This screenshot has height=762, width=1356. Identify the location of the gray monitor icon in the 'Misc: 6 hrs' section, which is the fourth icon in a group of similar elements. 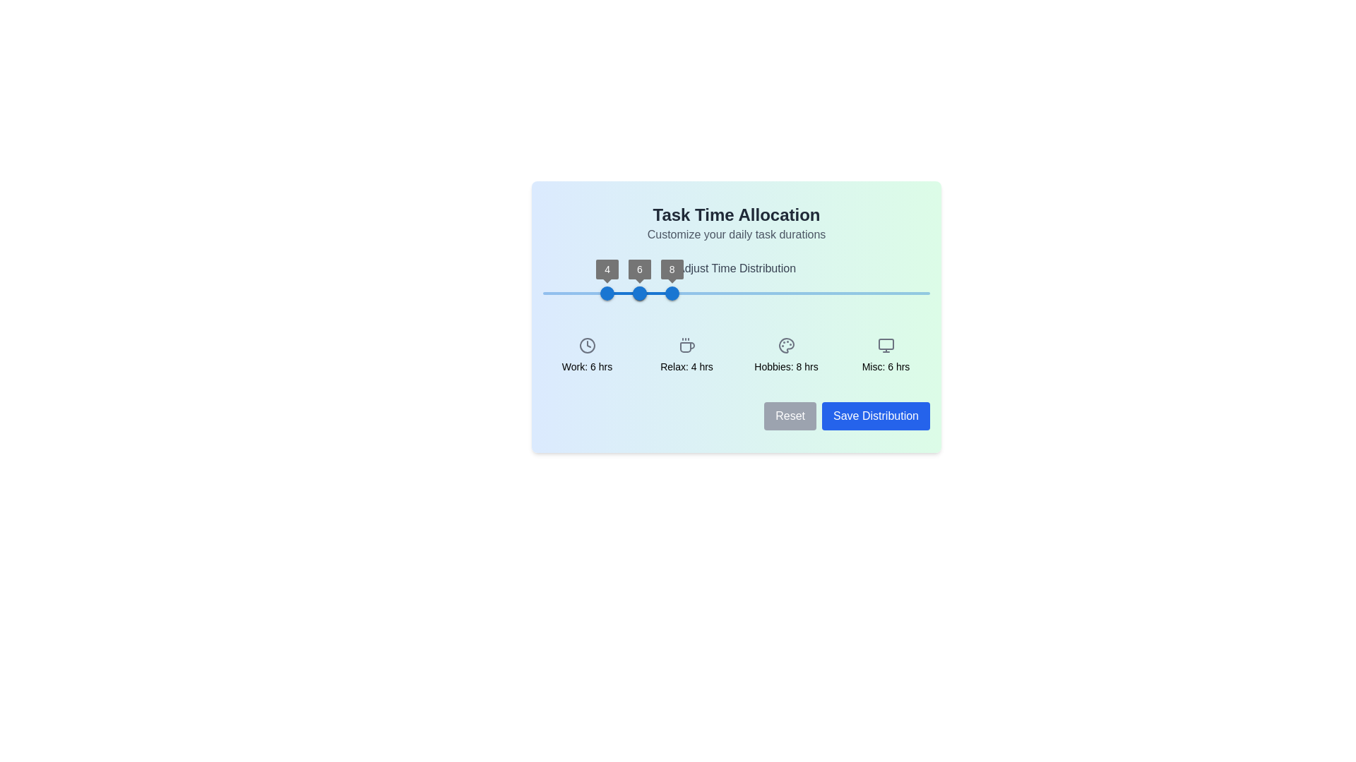
(885, 345).